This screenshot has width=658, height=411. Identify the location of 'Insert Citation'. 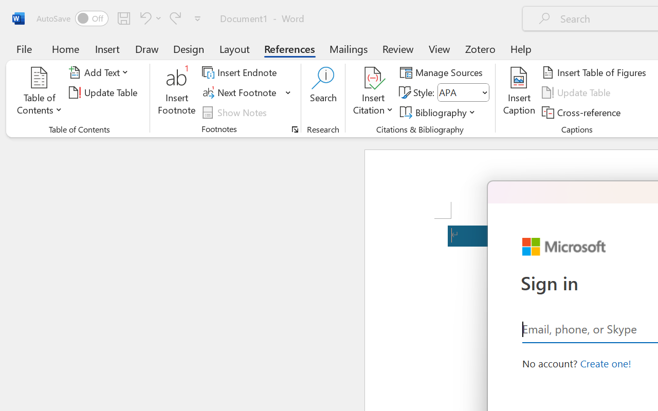
(373, 92).